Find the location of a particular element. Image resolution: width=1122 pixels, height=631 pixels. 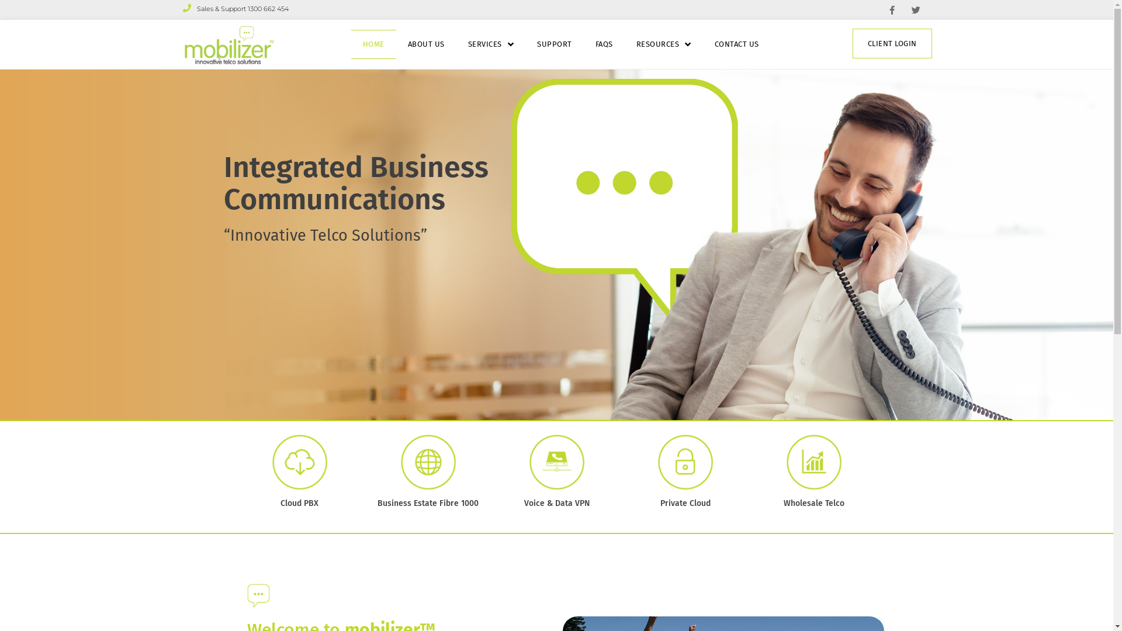

'SUPPORT' is located at coordinates (554, 44).